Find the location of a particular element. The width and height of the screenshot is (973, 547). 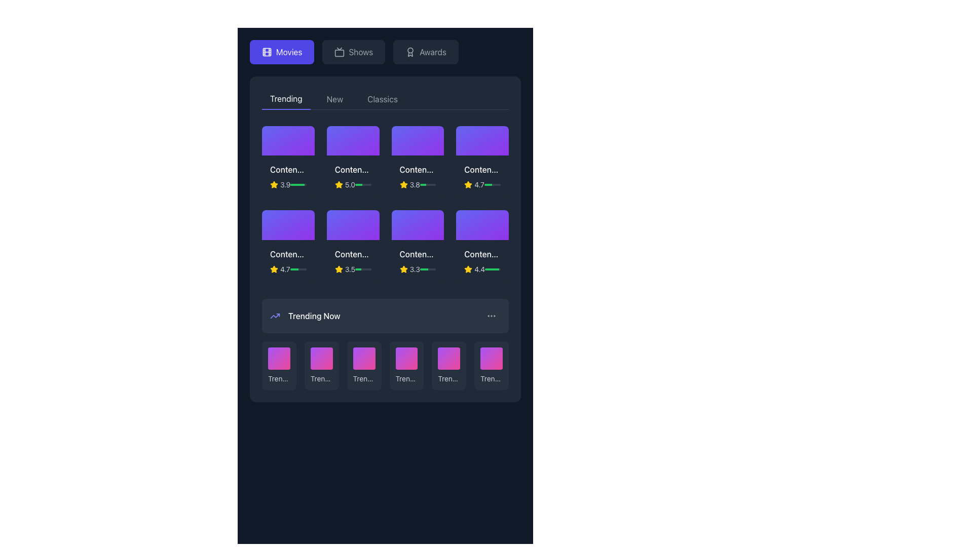

the text label displaying the rating '3.9', which is accompanied by a yellow star icon, located in the first row and first column of the content cards grid is located at coordinates (280, 185).